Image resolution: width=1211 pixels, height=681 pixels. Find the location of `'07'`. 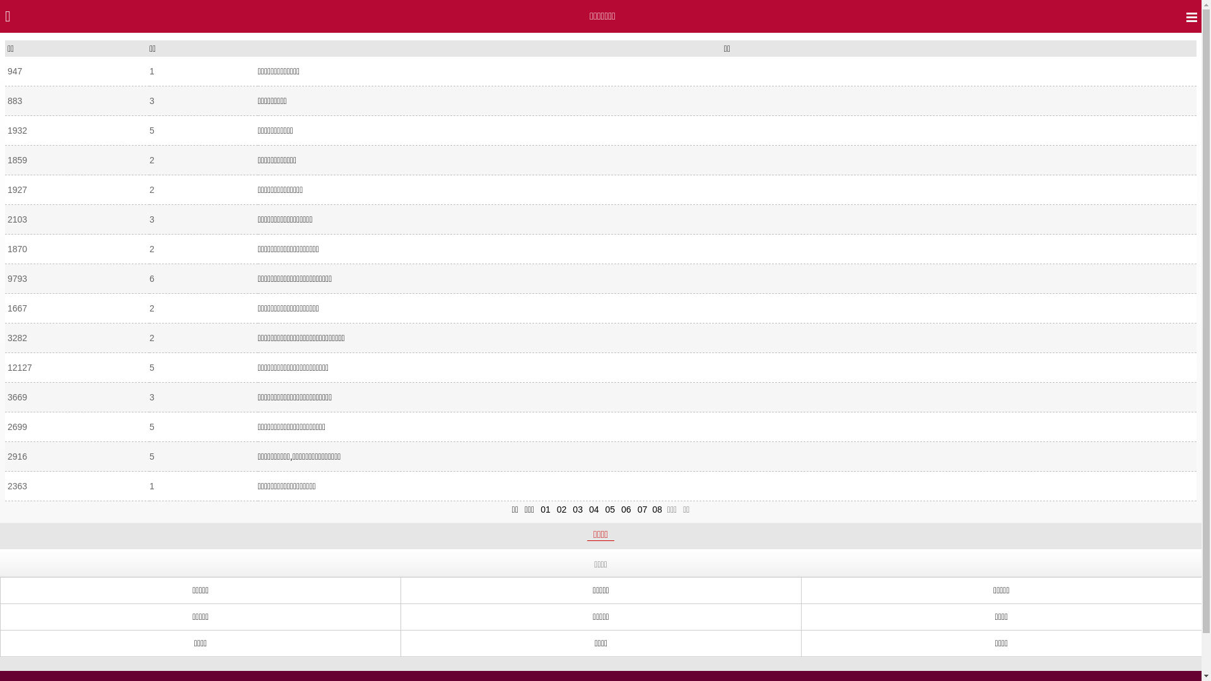

'07' is located at coordinates (642, 508).